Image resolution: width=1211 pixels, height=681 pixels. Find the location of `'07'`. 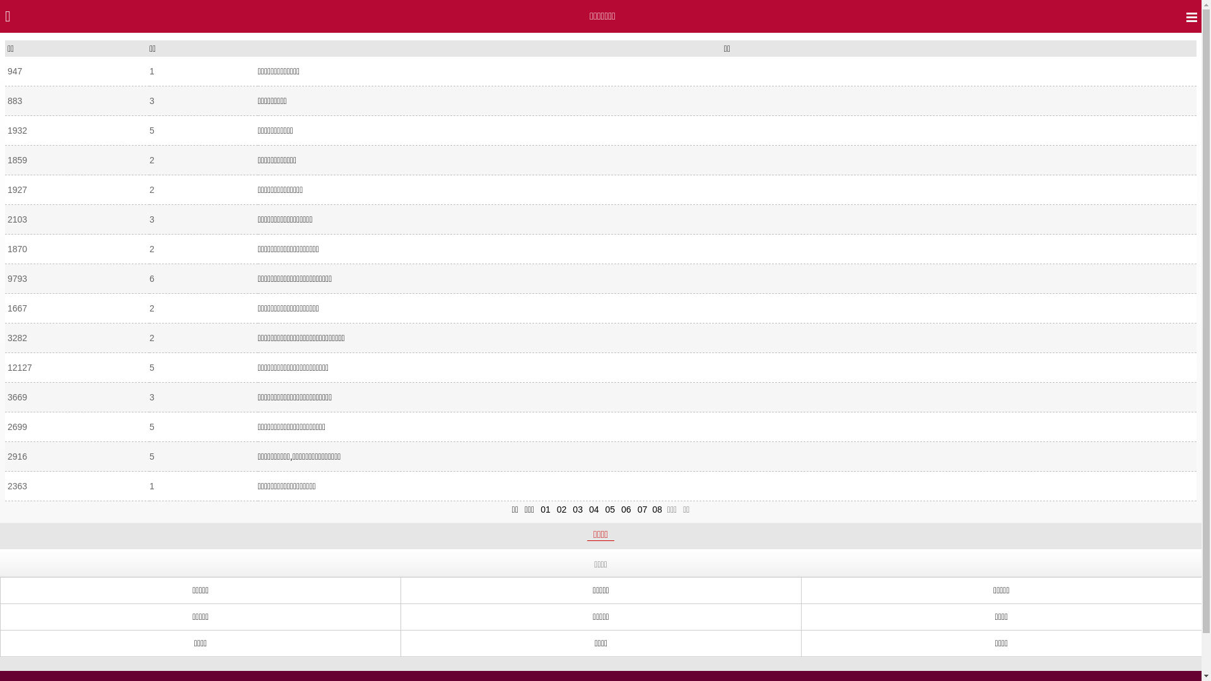

'07' is located at coordinates (642, 508).